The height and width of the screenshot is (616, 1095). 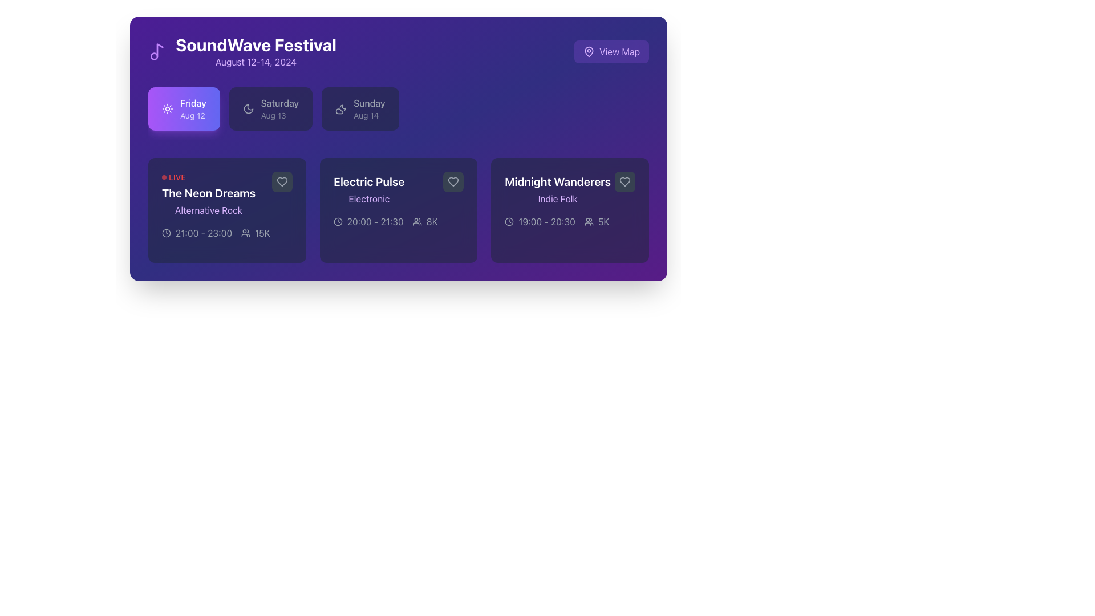 What do you see at coordinates (509, 222) in the screenshot?
I see `the circular clock icon located to the left of the '19:00 - 20:30' label within the 'Midnight Wanderers' card` at bounding box center [509, 222].